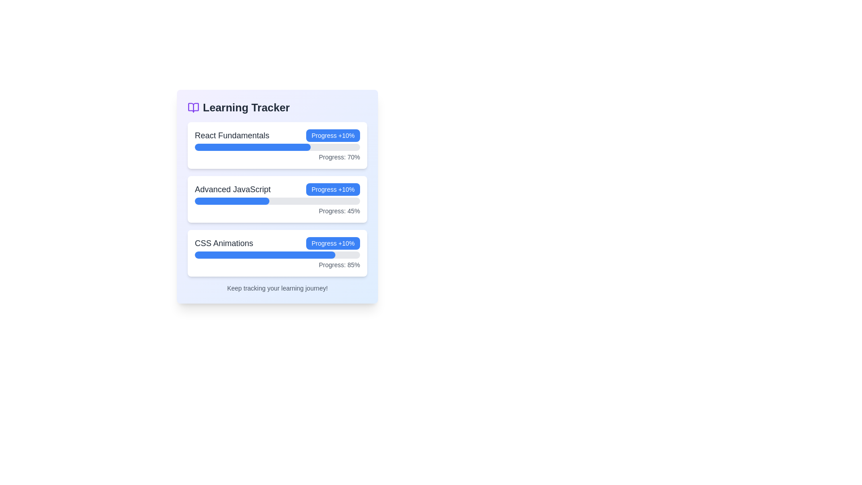 The width and height of the screenshot is (862, 485). I want to click on the progress bar located below the 'Advanced JavaScript' header and above the 'Progress: 45%' text element, so click(277, 200).